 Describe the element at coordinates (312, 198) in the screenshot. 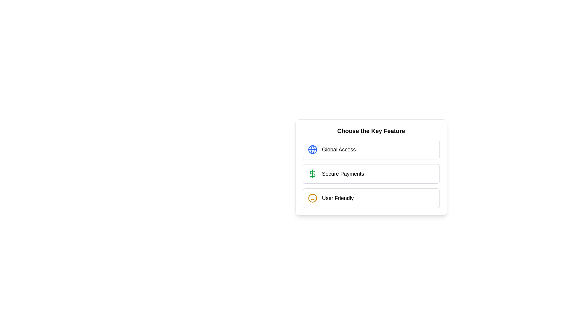

I see `the 'User Friendly' feature icon located to the left of the text 'User Friendly' in the vertical list under 'Choose the Key Feature.'` at that location.